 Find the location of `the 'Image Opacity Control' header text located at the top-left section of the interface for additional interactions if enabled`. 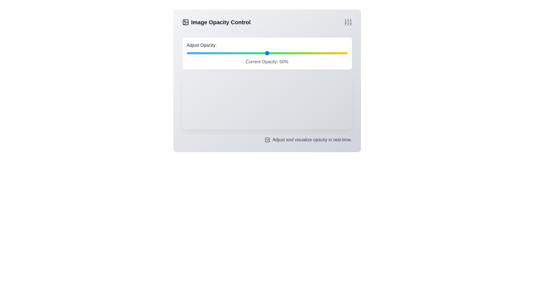

the 'Image Opacity Control' header text located at the top-left section of the interface for additional interactions if enabled is located at coordinates (216, 22).